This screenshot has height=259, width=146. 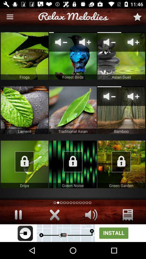 I want to click on stop button, so click(x=18, y=215).